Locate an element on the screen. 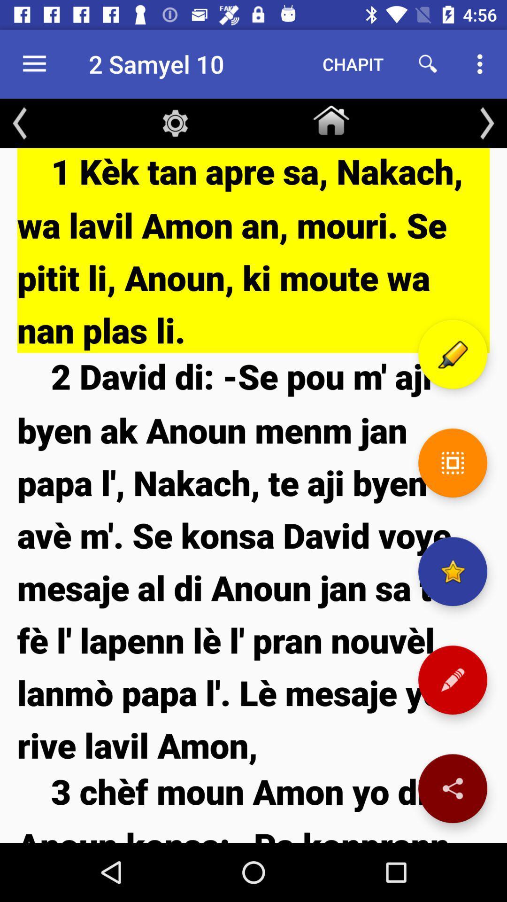 This screenshot has width=507, height=902. the settings icon is located at coordinates (175, 123).